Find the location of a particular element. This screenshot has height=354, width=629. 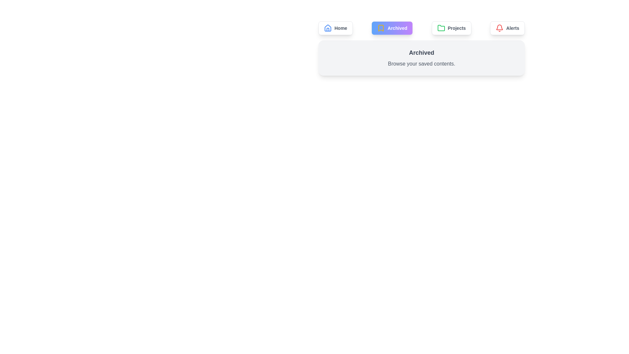

the tab labeled Alerts is located at coordinates (507, 28).